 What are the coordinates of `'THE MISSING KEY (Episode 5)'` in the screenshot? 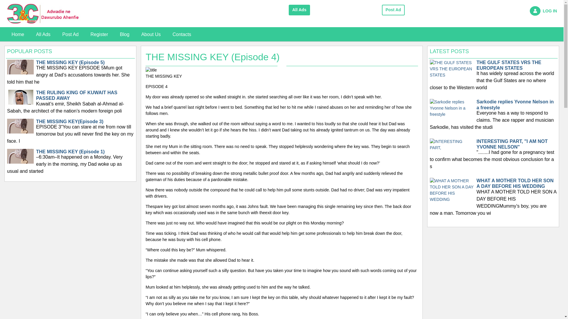 It's located at (7, 73).